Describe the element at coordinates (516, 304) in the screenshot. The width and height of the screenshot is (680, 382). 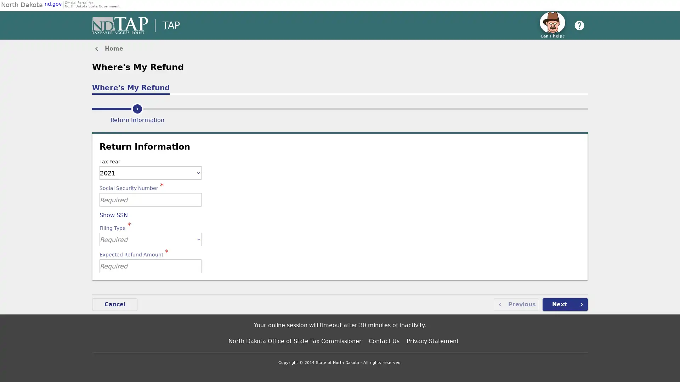
I see `Previous` at that location.